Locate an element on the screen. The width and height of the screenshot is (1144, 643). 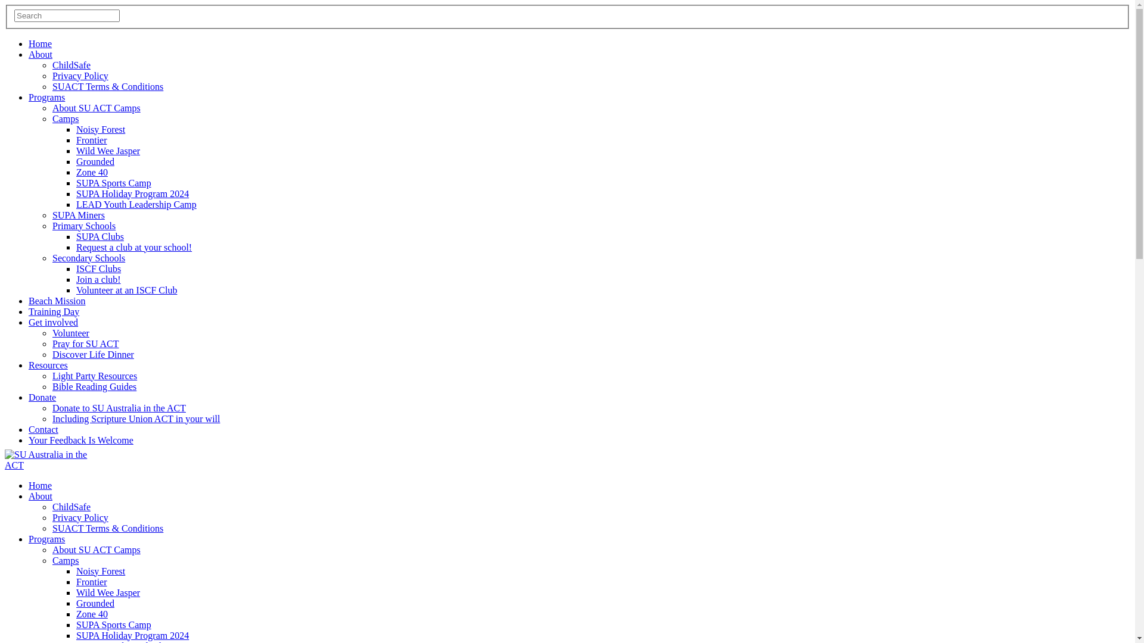
'LEAD Youth Leadership Camp' is located at coordinates (136, 204).